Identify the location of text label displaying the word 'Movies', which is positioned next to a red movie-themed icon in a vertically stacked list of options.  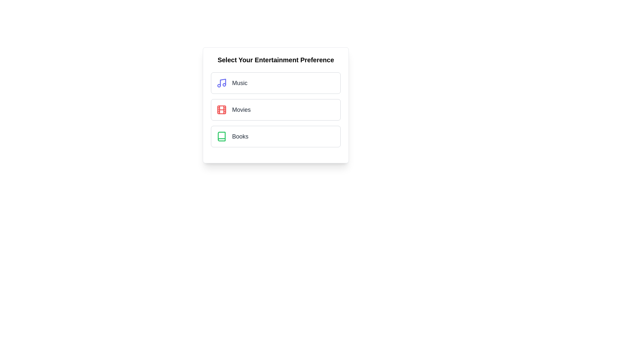
(241, 109).